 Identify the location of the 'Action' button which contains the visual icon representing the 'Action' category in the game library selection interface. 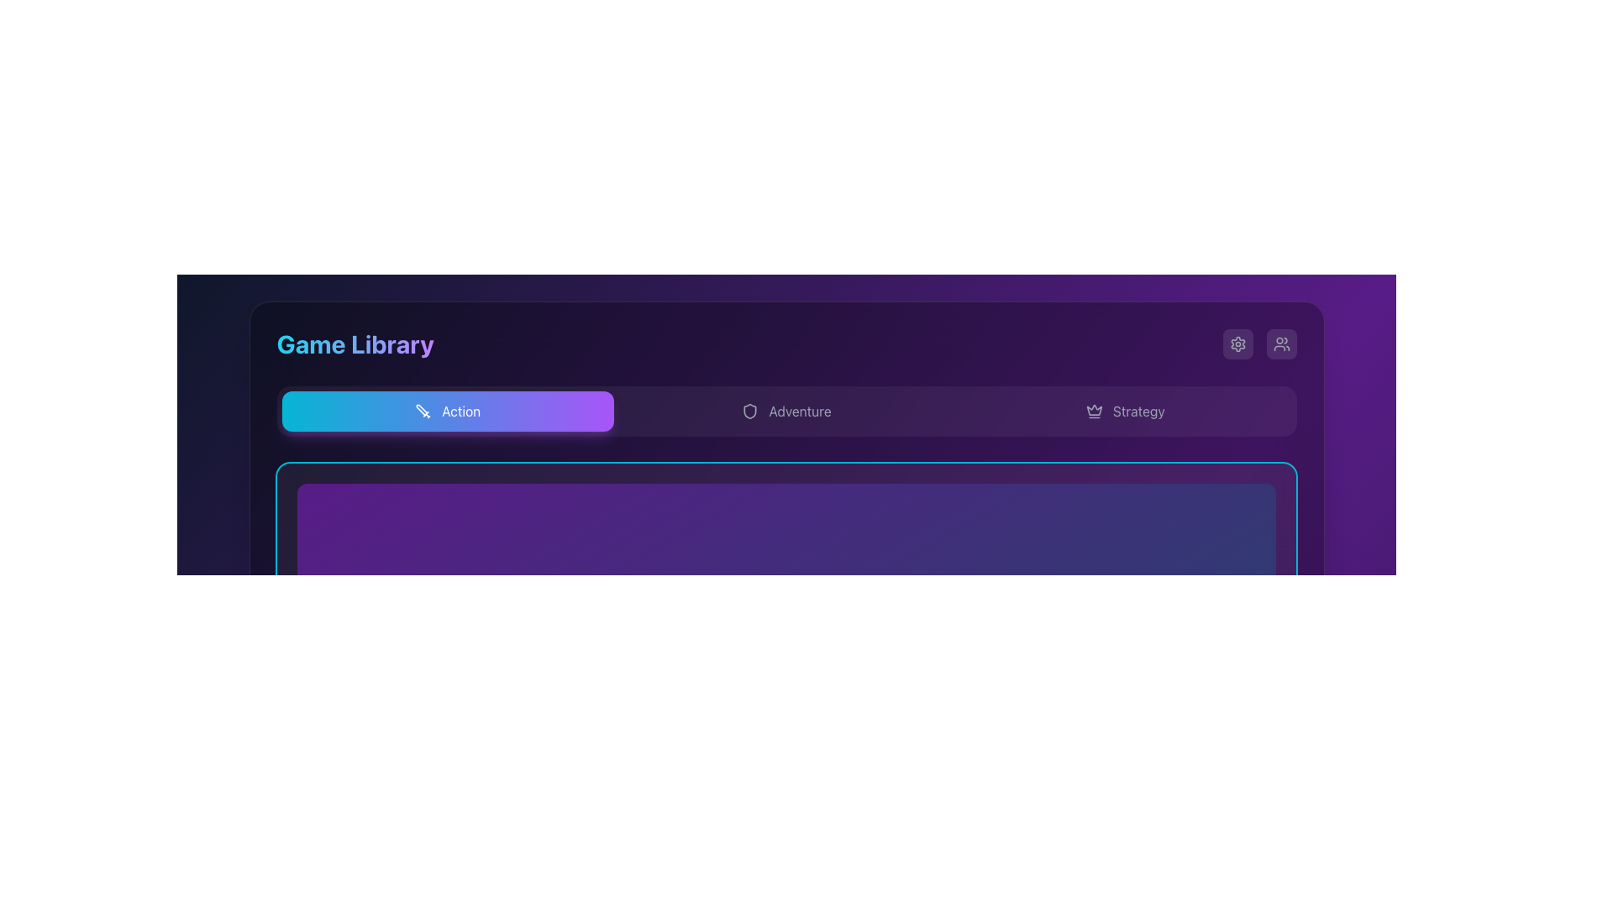
(423, 411).